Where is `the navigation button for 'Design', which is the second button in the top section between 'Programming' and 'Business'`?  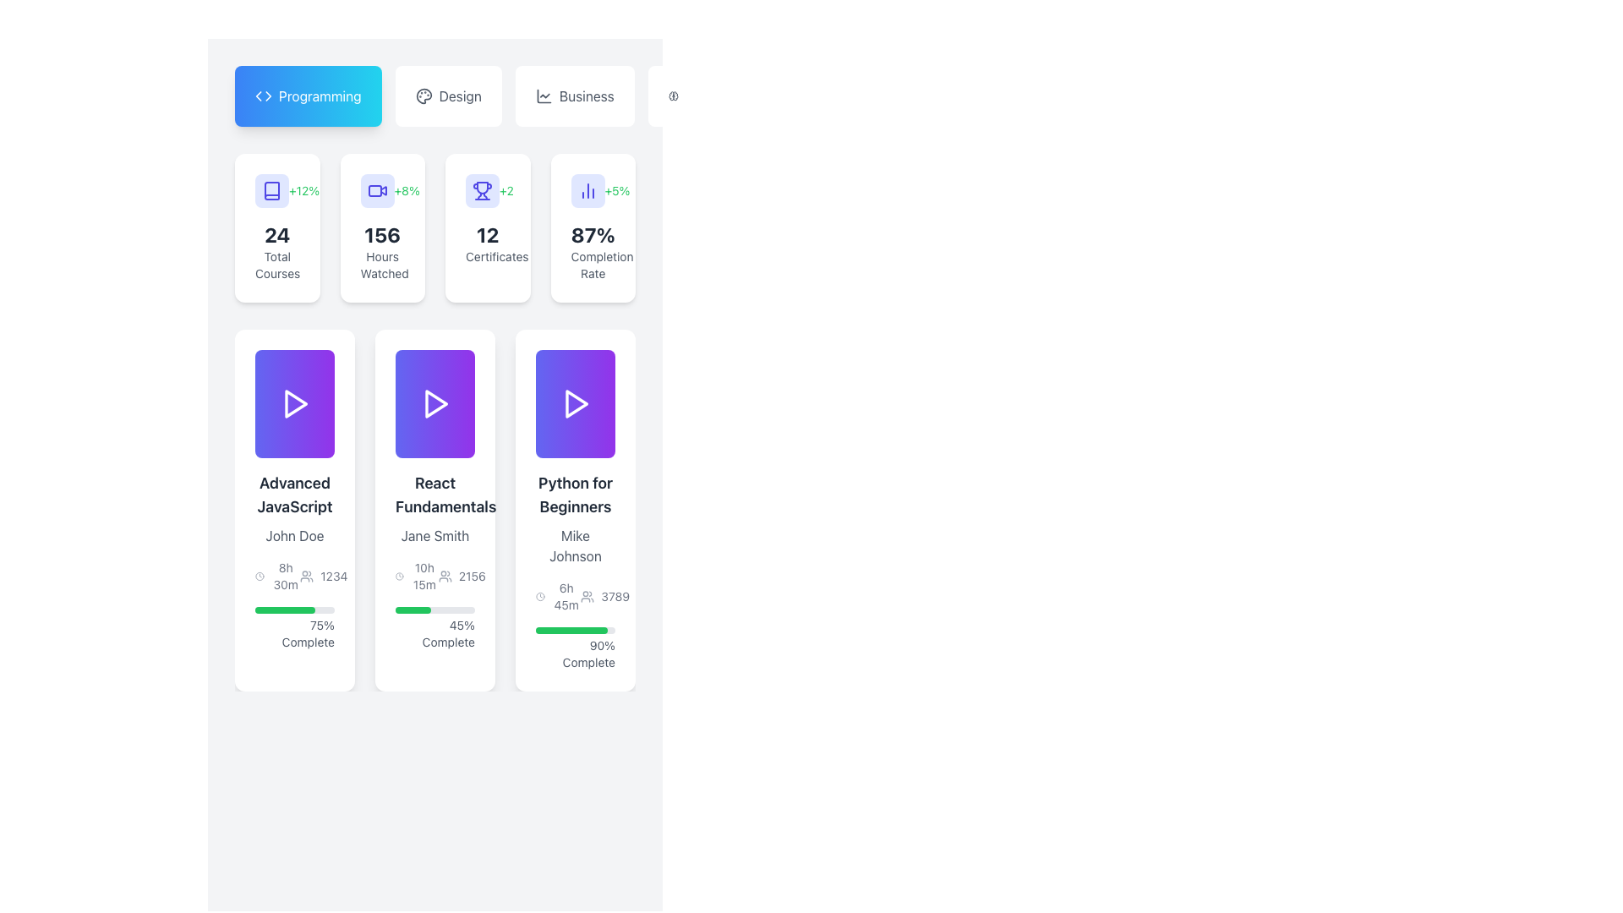 the navigation button for 'Design', which is the second button in the top section between 'Programming' and 'Business' is located at coordinates (448, 96).